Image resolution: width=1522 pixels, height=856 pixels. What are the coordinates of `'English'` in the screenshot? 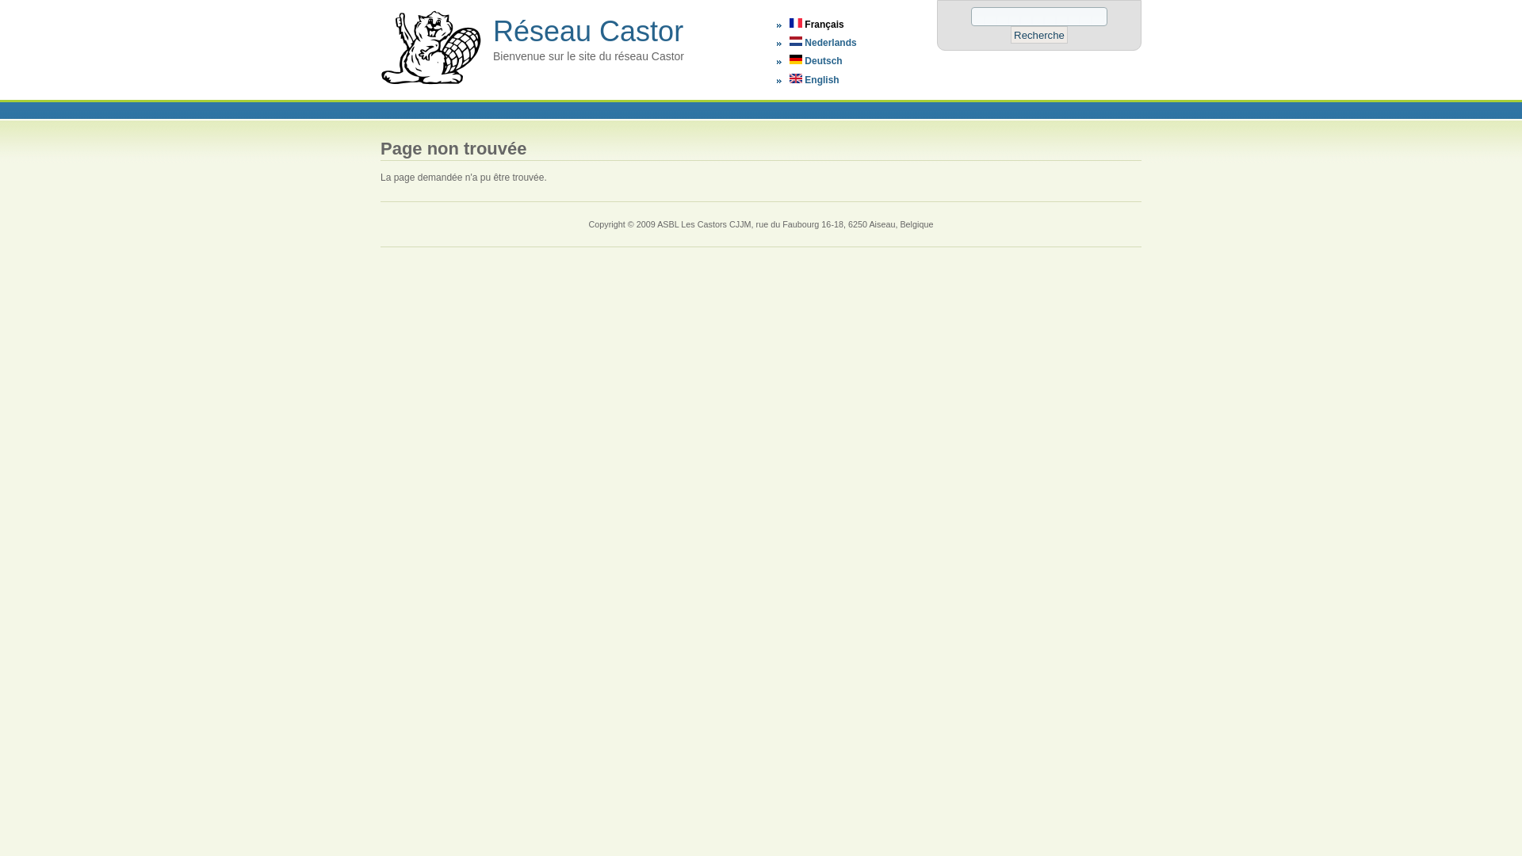 It's located at (795, 78).